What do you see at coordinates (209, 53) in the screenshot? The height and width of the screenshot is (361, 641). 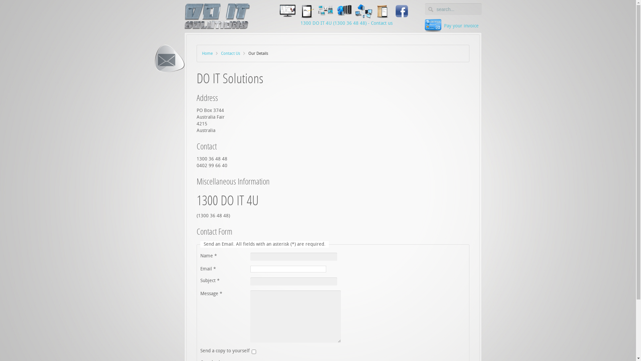 I see `'Home'` at bounding box center [209, 53].